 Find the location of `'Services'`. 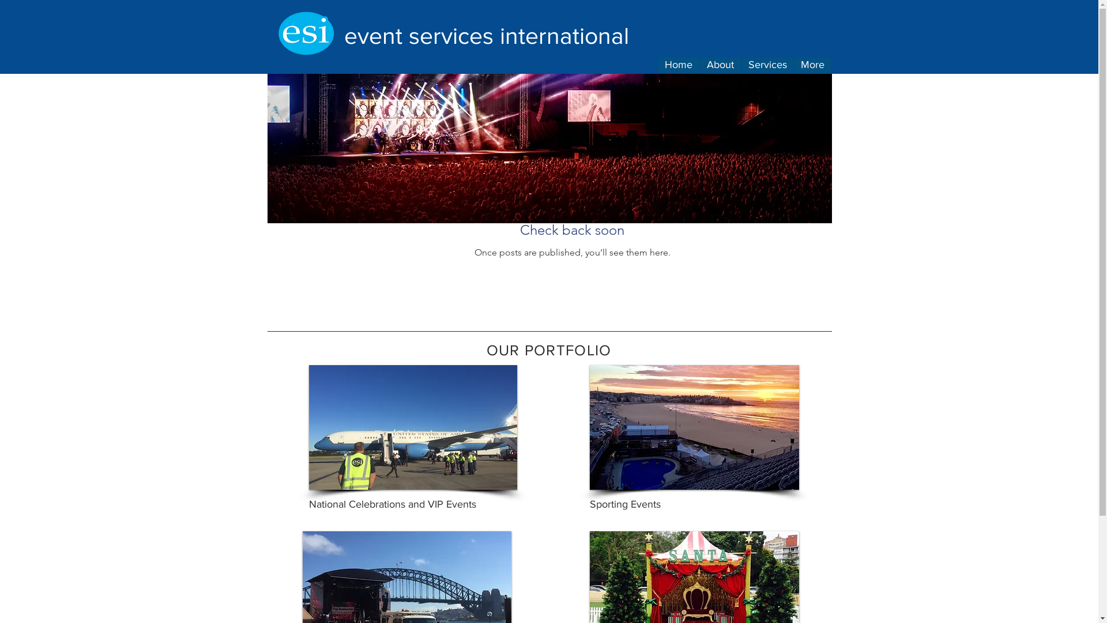

'Services' is located at coordinates (767, 65).